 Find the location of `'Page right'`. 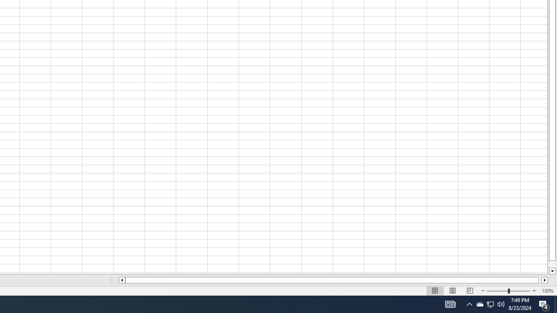

'Page right' is located at coordinates (540, 280).